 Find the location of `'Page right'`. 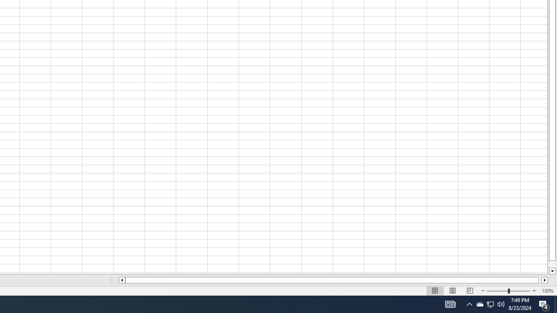

'Page right' is located at coordinates (540, 280).